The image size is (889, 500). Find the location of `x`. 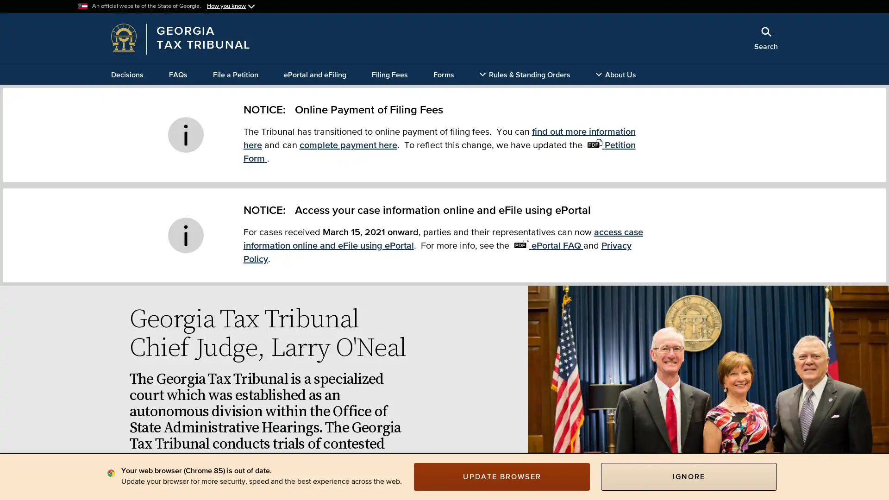

x is located at coordinates (199, 151).